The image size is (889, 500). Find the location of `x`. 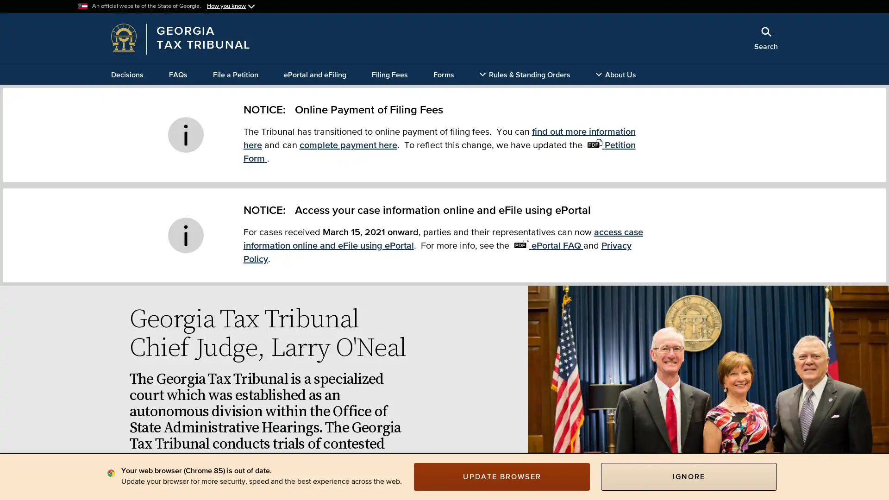

x is located at coordinates (199, 151).